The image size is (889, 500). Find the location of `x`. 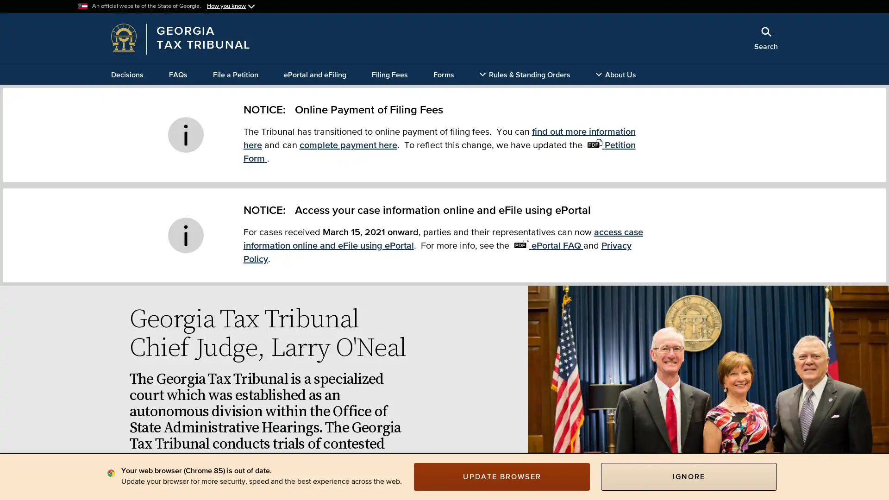

x is located at coordinates (199, 151).